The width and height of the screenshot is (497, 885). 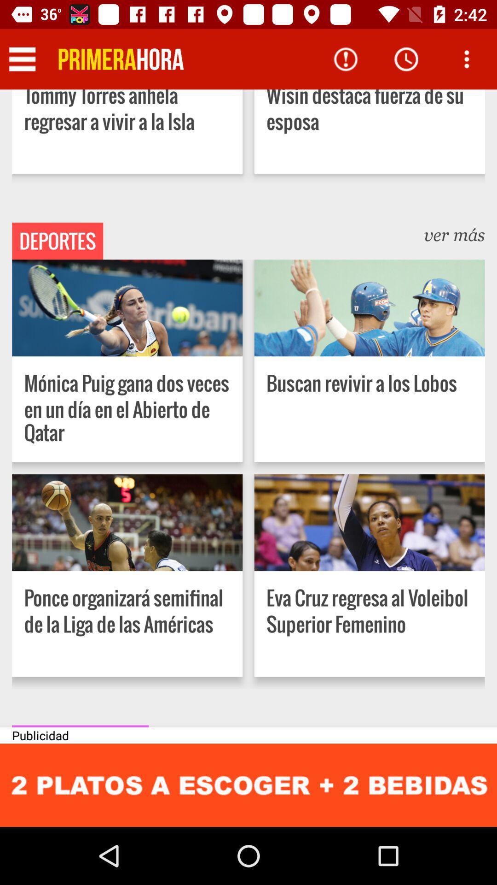 What do you see at coordinates (121, 59) in the screenshot?
I see `name of website` at bounding box center [121, 59].